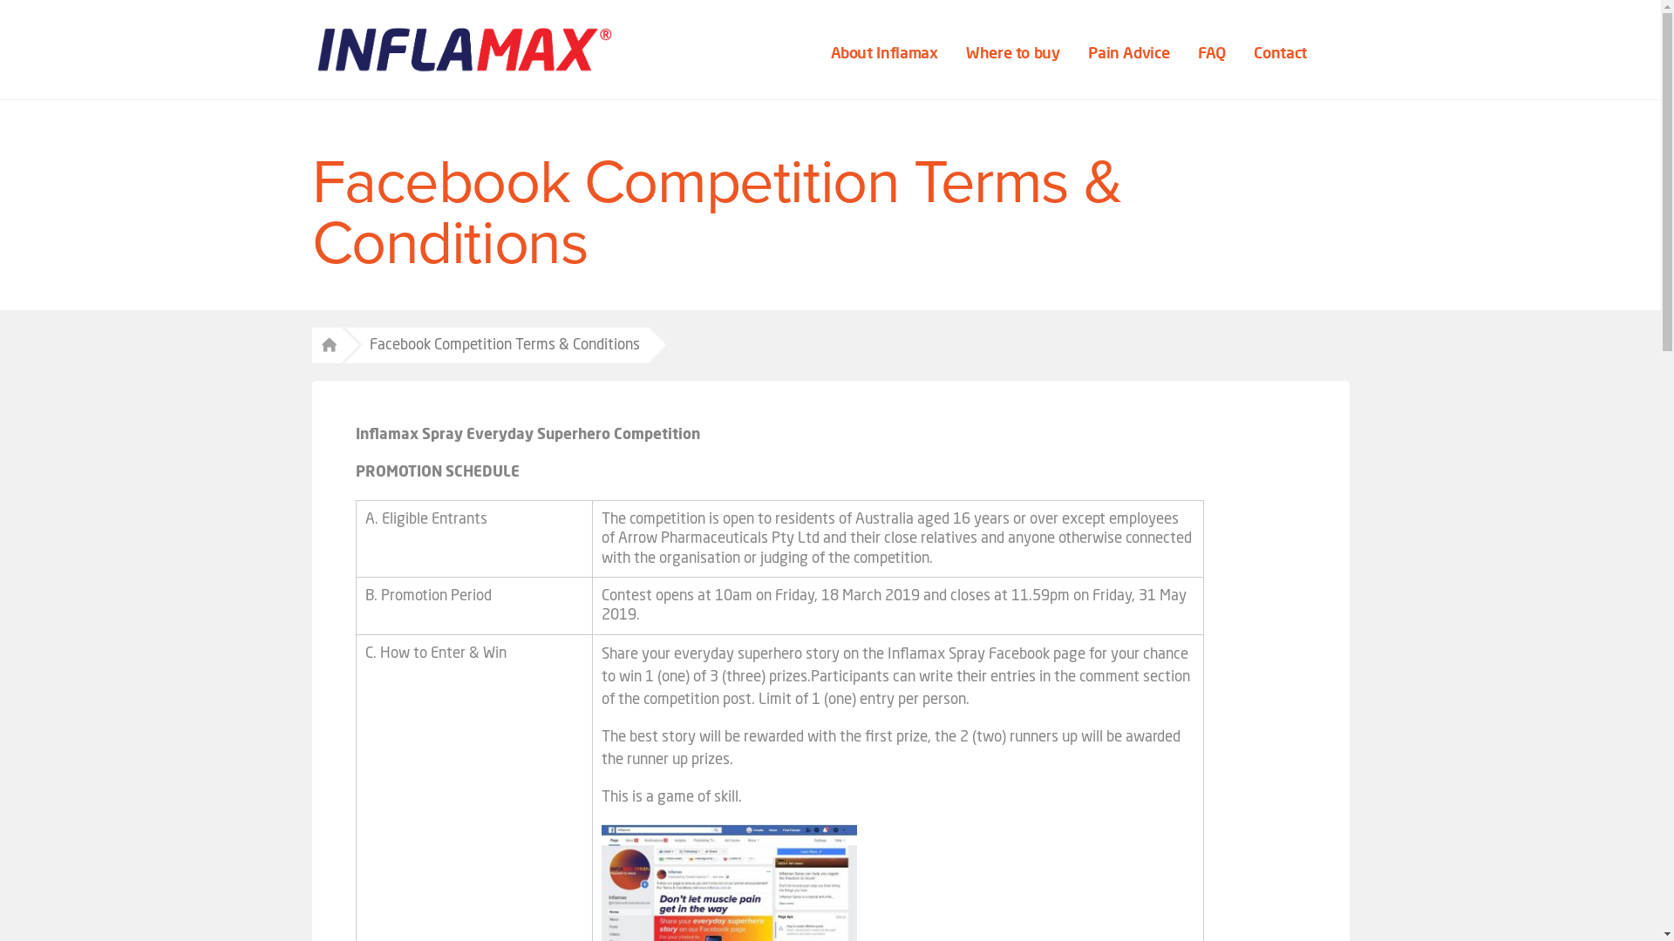 The height and width of the screenshot is (941, 1674). I want to click on 'Home page', so click(464, 49).